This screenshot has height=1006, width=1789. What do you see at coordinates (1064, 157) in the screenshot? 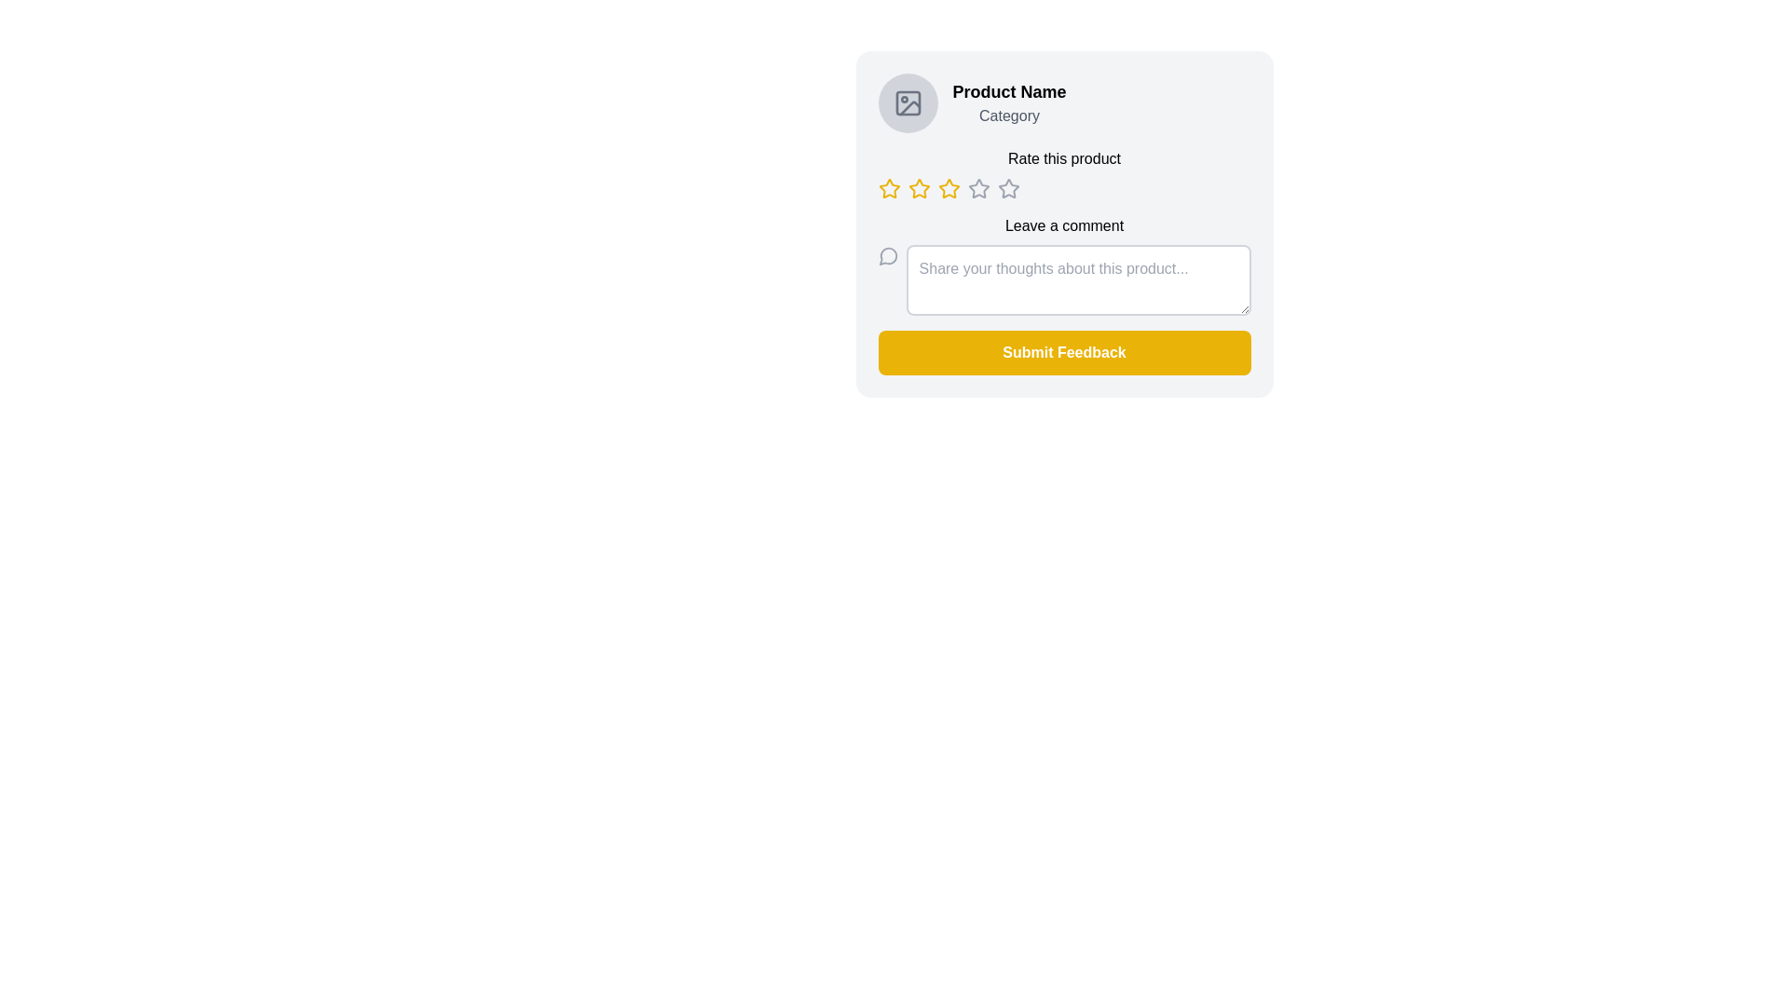
I see `the static text label prompting users to rate the product, which is positioned above the star rating icons` at bounding box center [1064, 157].